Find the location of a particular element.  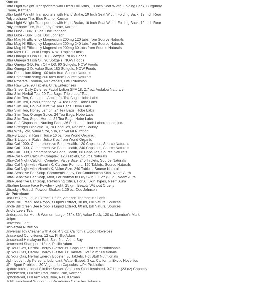

'Ultra Slim Tea, Cran-Raspberry, 24 Tea Bags, Hobe Labs' is located at coordinates (51, 102).